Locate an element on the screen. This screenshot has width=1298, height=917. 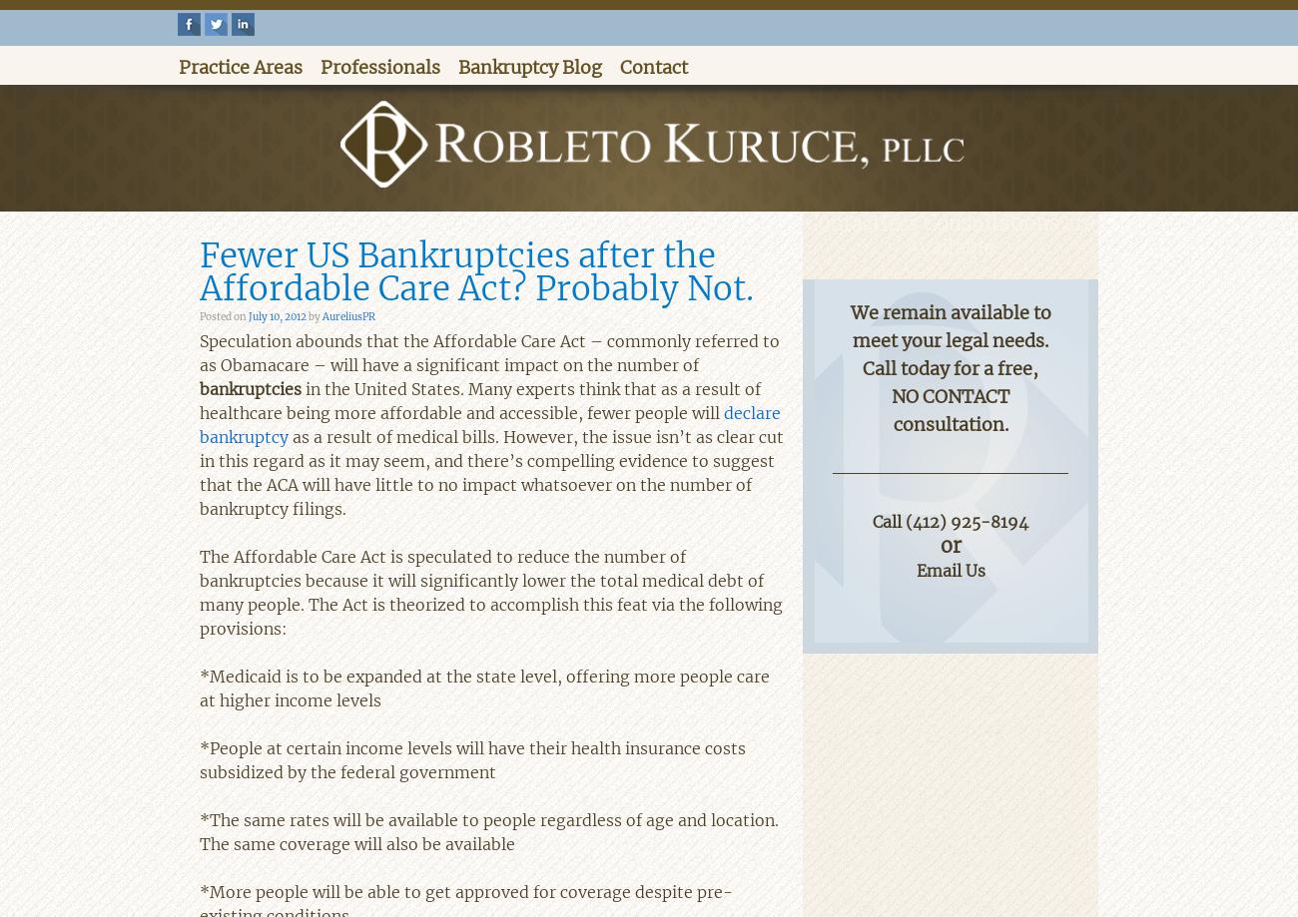
'*People at certain income levels will have their health insurance costs subsidized by the federal government' is located at coordinates (471, 759).